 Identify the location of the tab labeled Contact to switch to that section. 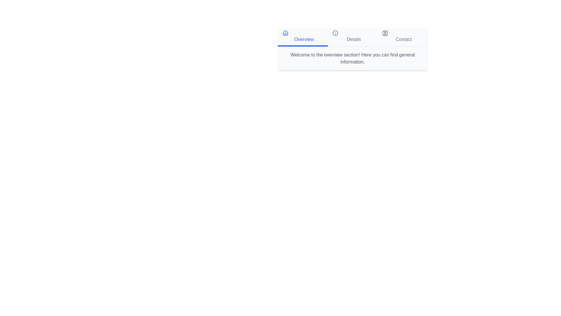
(402, 37).